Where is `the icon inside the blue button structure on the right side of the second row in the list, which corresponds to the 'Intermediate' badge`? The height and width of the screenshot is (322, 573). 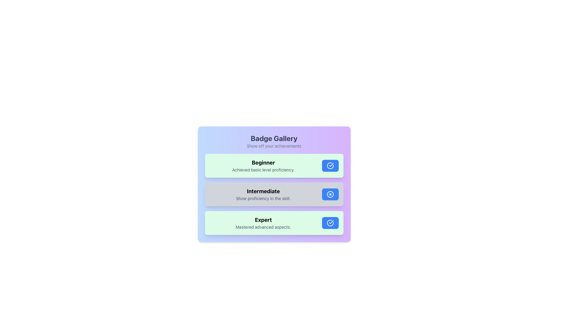
the icon inside the blue button structure on the right side of the second row in the list, which corresponds to the 'Intermediate' badge is located at coordinates (330, 194).